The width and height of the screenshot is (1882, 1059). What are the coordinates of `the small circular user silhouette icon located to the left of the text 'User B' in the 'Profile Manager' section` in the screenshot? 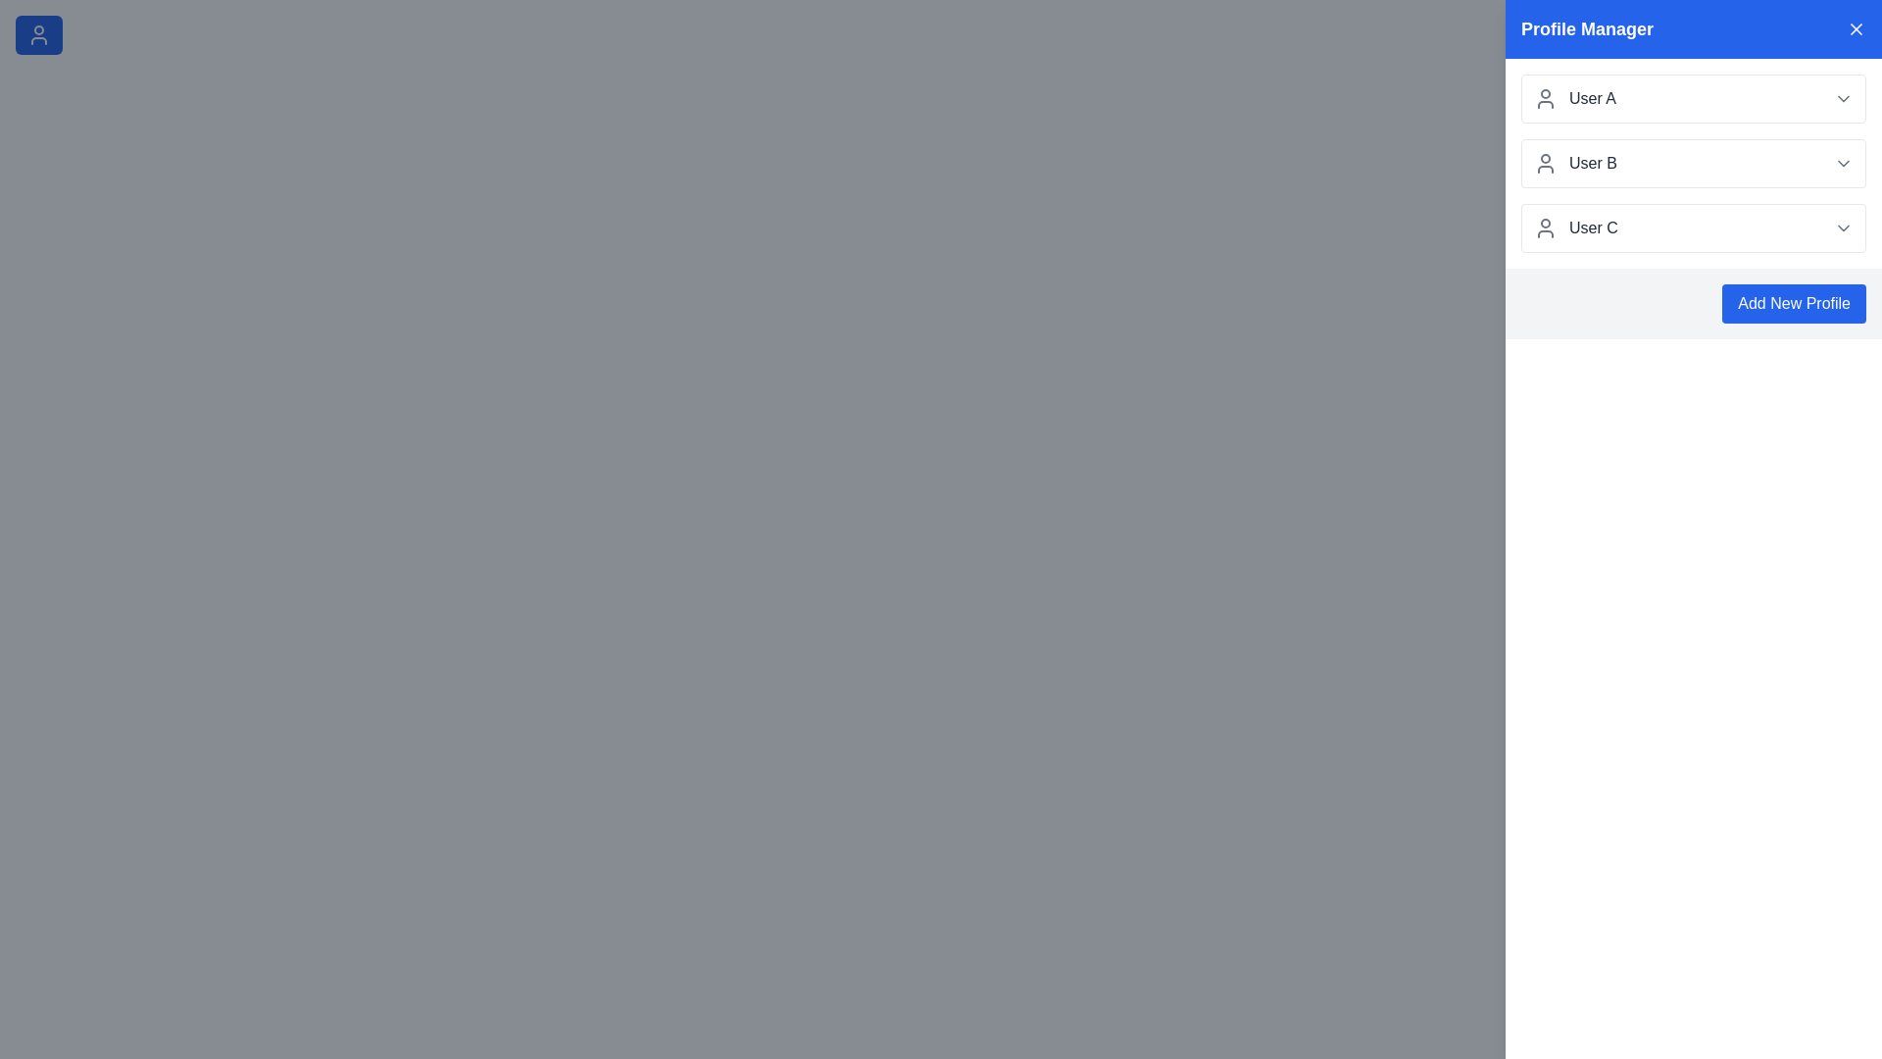 It's located at (1545, 162).